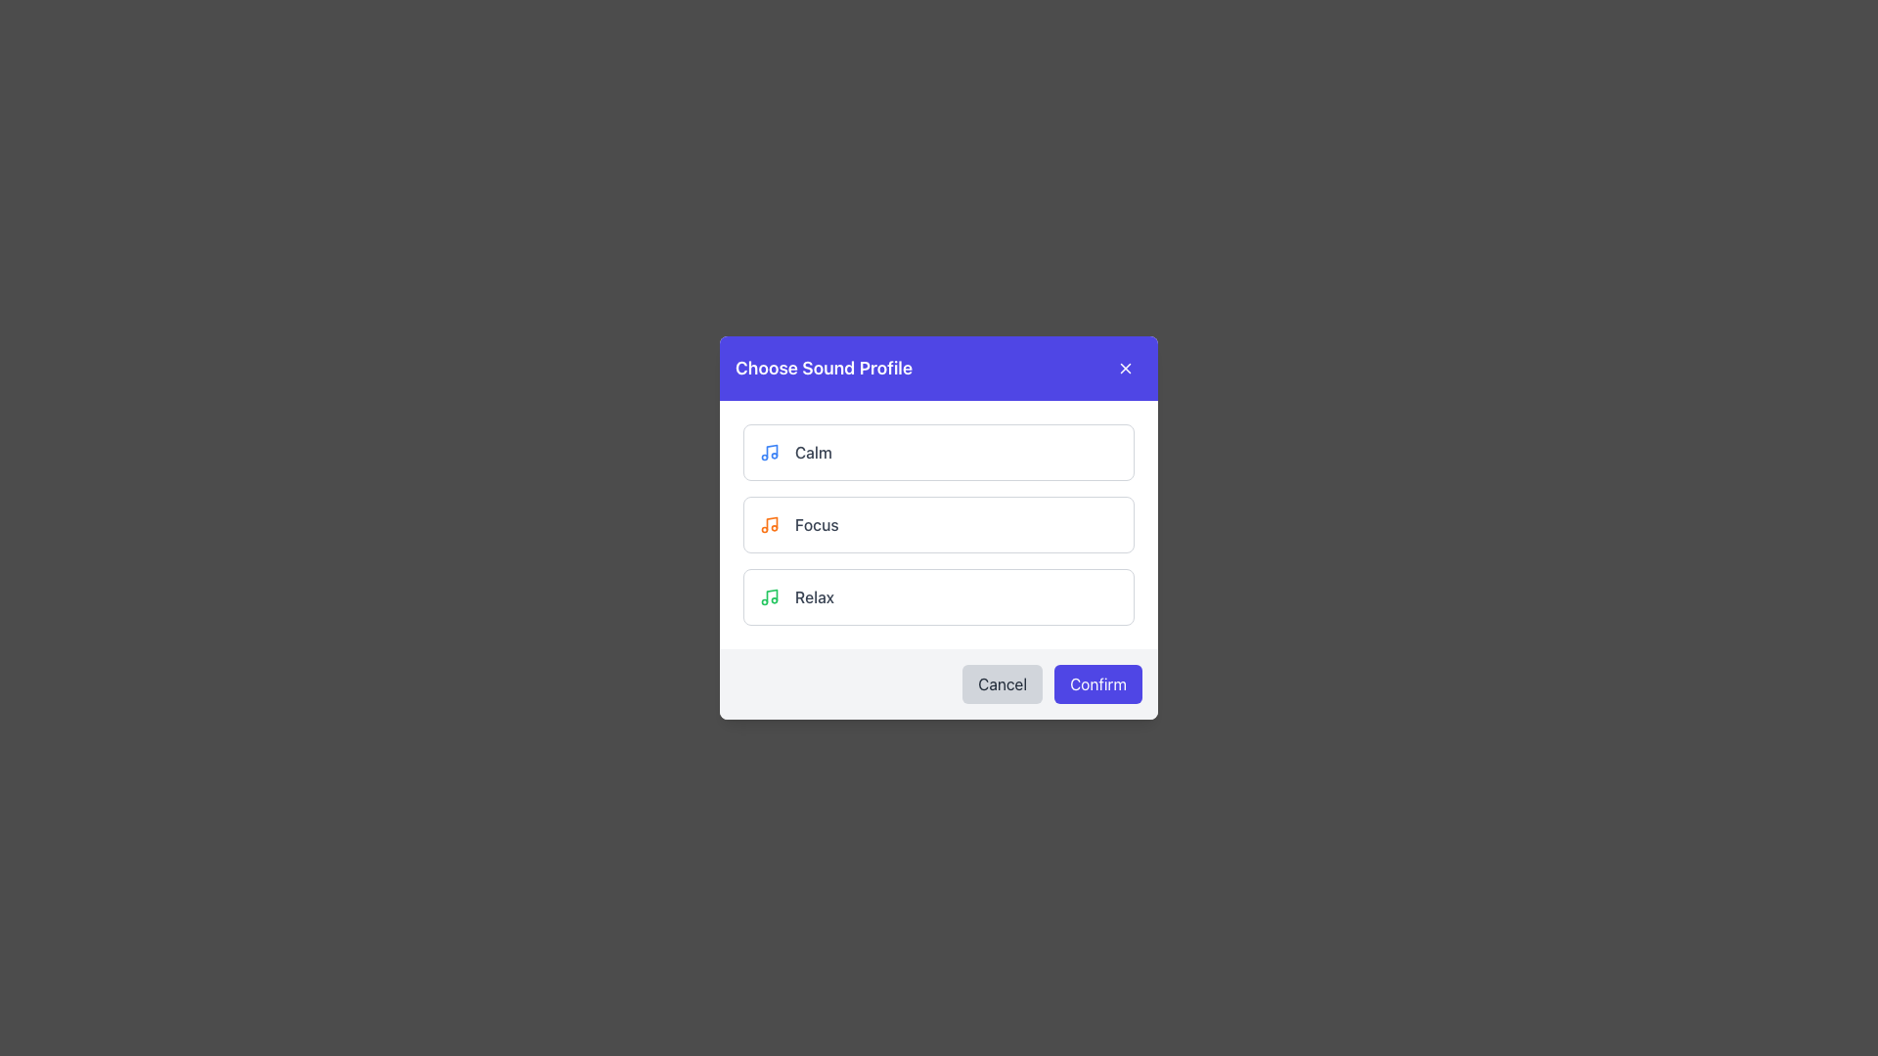 The height and width of the screenshot is (1056, 1878). I want to click on the close button with a white 'X' symbol in the top-right corner of the 'Choose Sound Profile' modal, so click(1126, 369).